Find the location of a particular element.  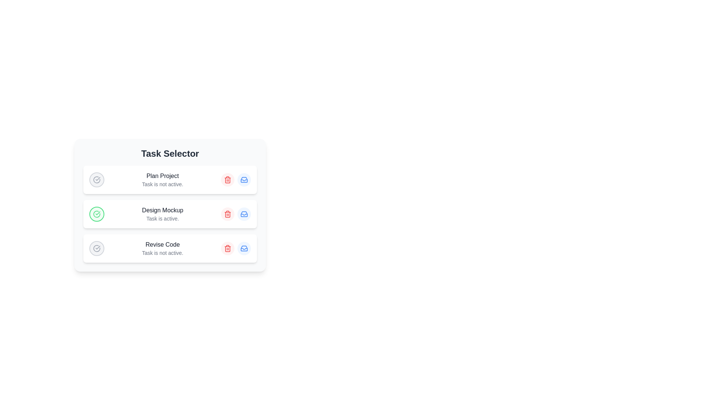

the blue inbox tray icon located at the far right of the second row of task entries in the 'Task Selector' panel is located at coordinates (244, 214).